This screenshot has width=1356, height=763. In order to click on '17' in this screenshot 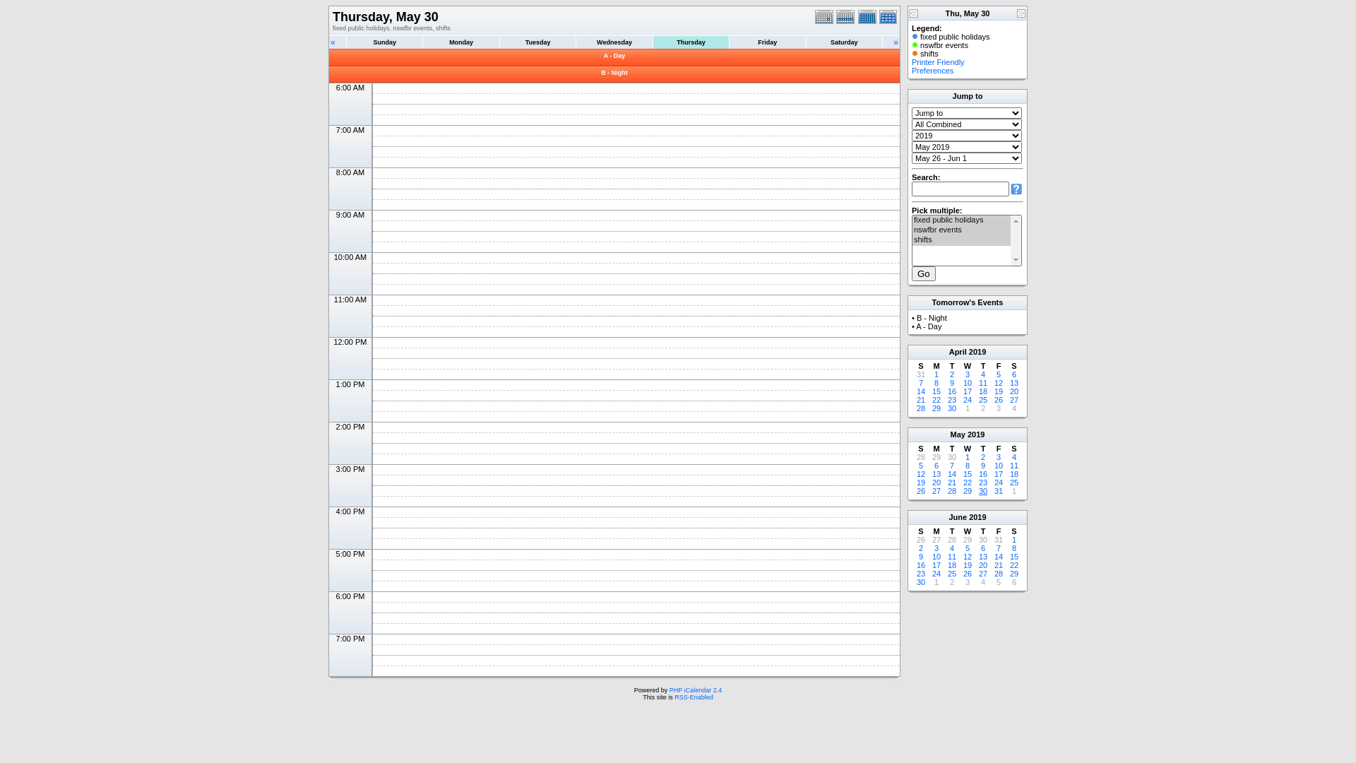, I will do `click(966, 391)`.